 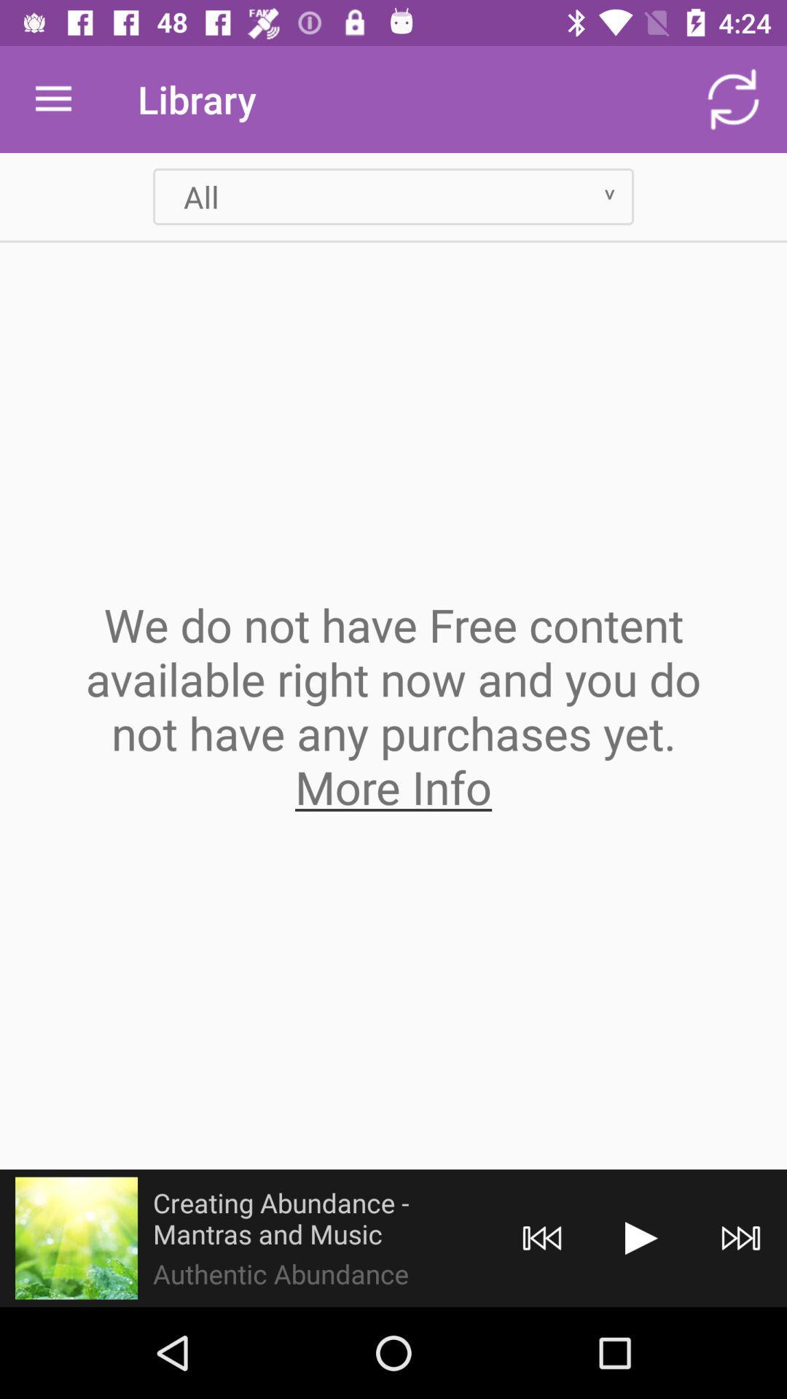 I want to click on the item at the center, so click(x=393, y=705).